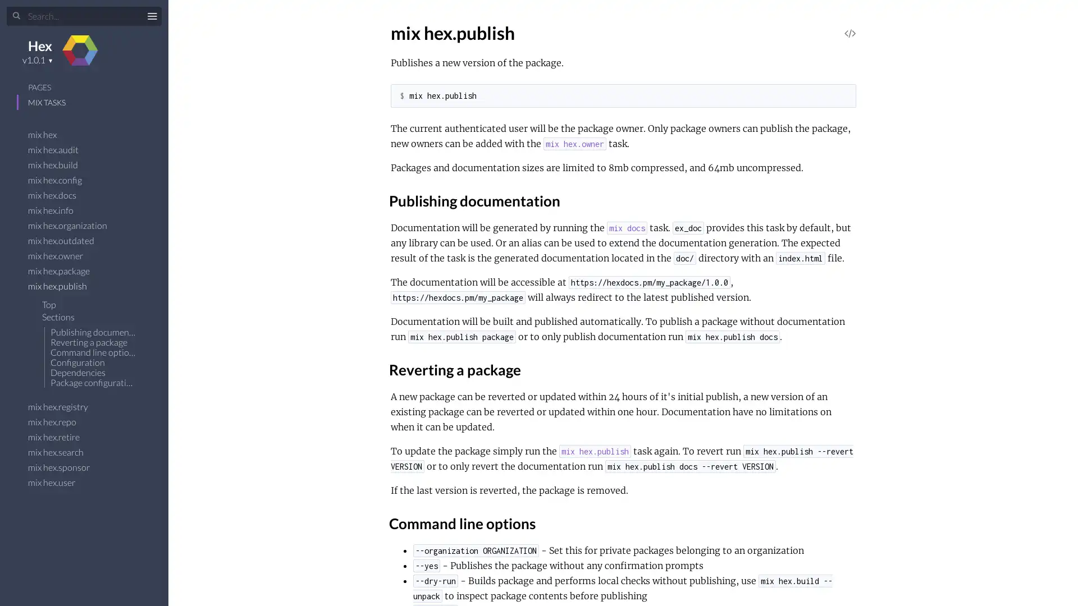 The image size is (1078, 606). Describe the element at coordinates (16, 16) in the screenshot. I see `Submit Search` at that location.